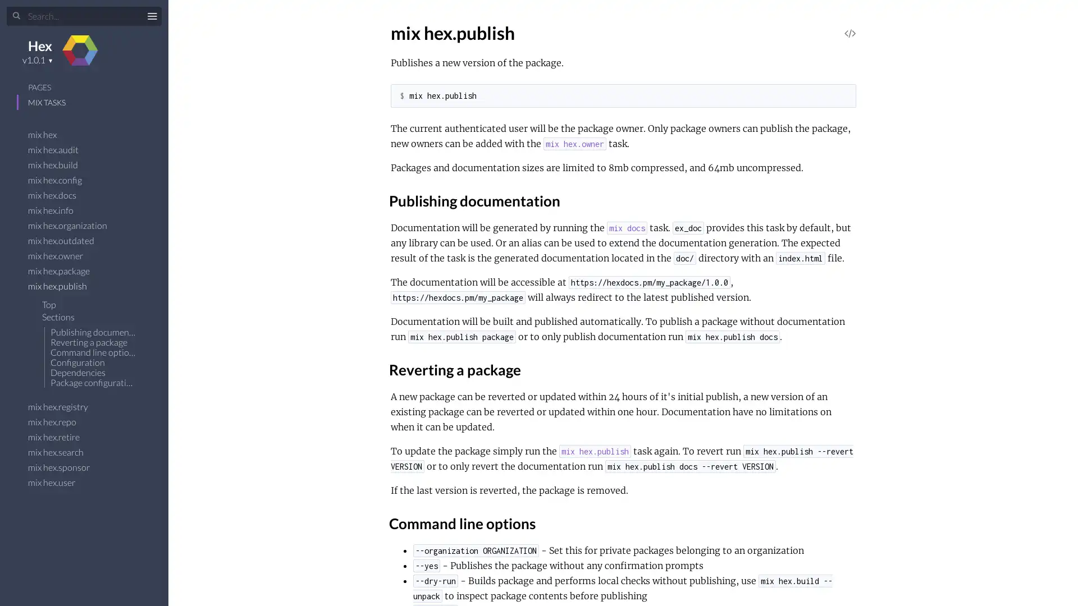 The image size is (1078, 606). Describe the element at coordinates (16, 16) in the screenshot. I see `Submit Search` at that location.